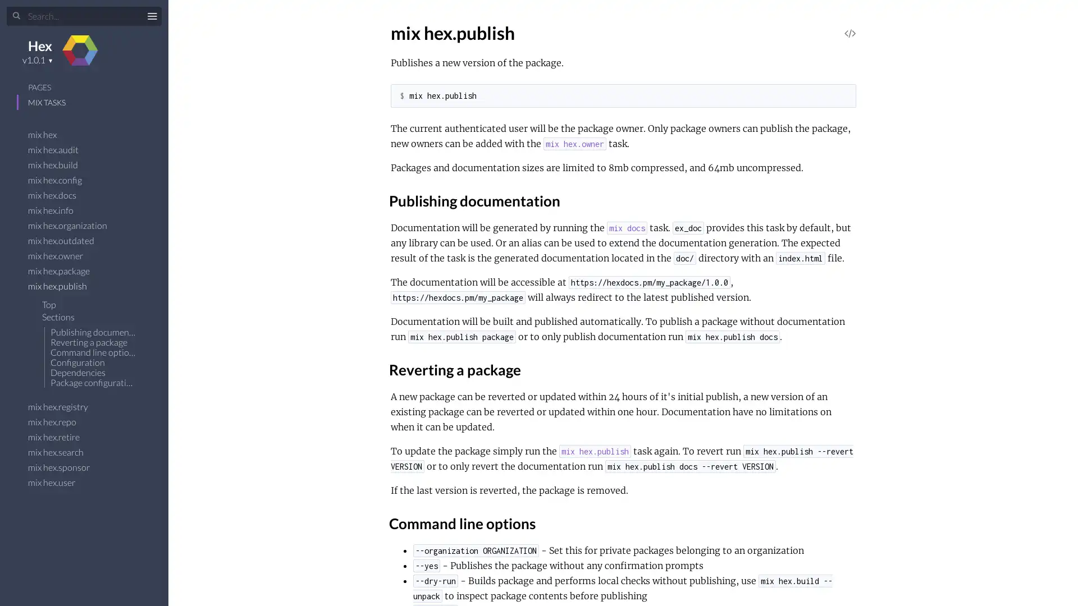 The image size is (1078, 606). Describe the element at coordinates (16, 16) in the screenshot. I see `Submit Search` at that location.